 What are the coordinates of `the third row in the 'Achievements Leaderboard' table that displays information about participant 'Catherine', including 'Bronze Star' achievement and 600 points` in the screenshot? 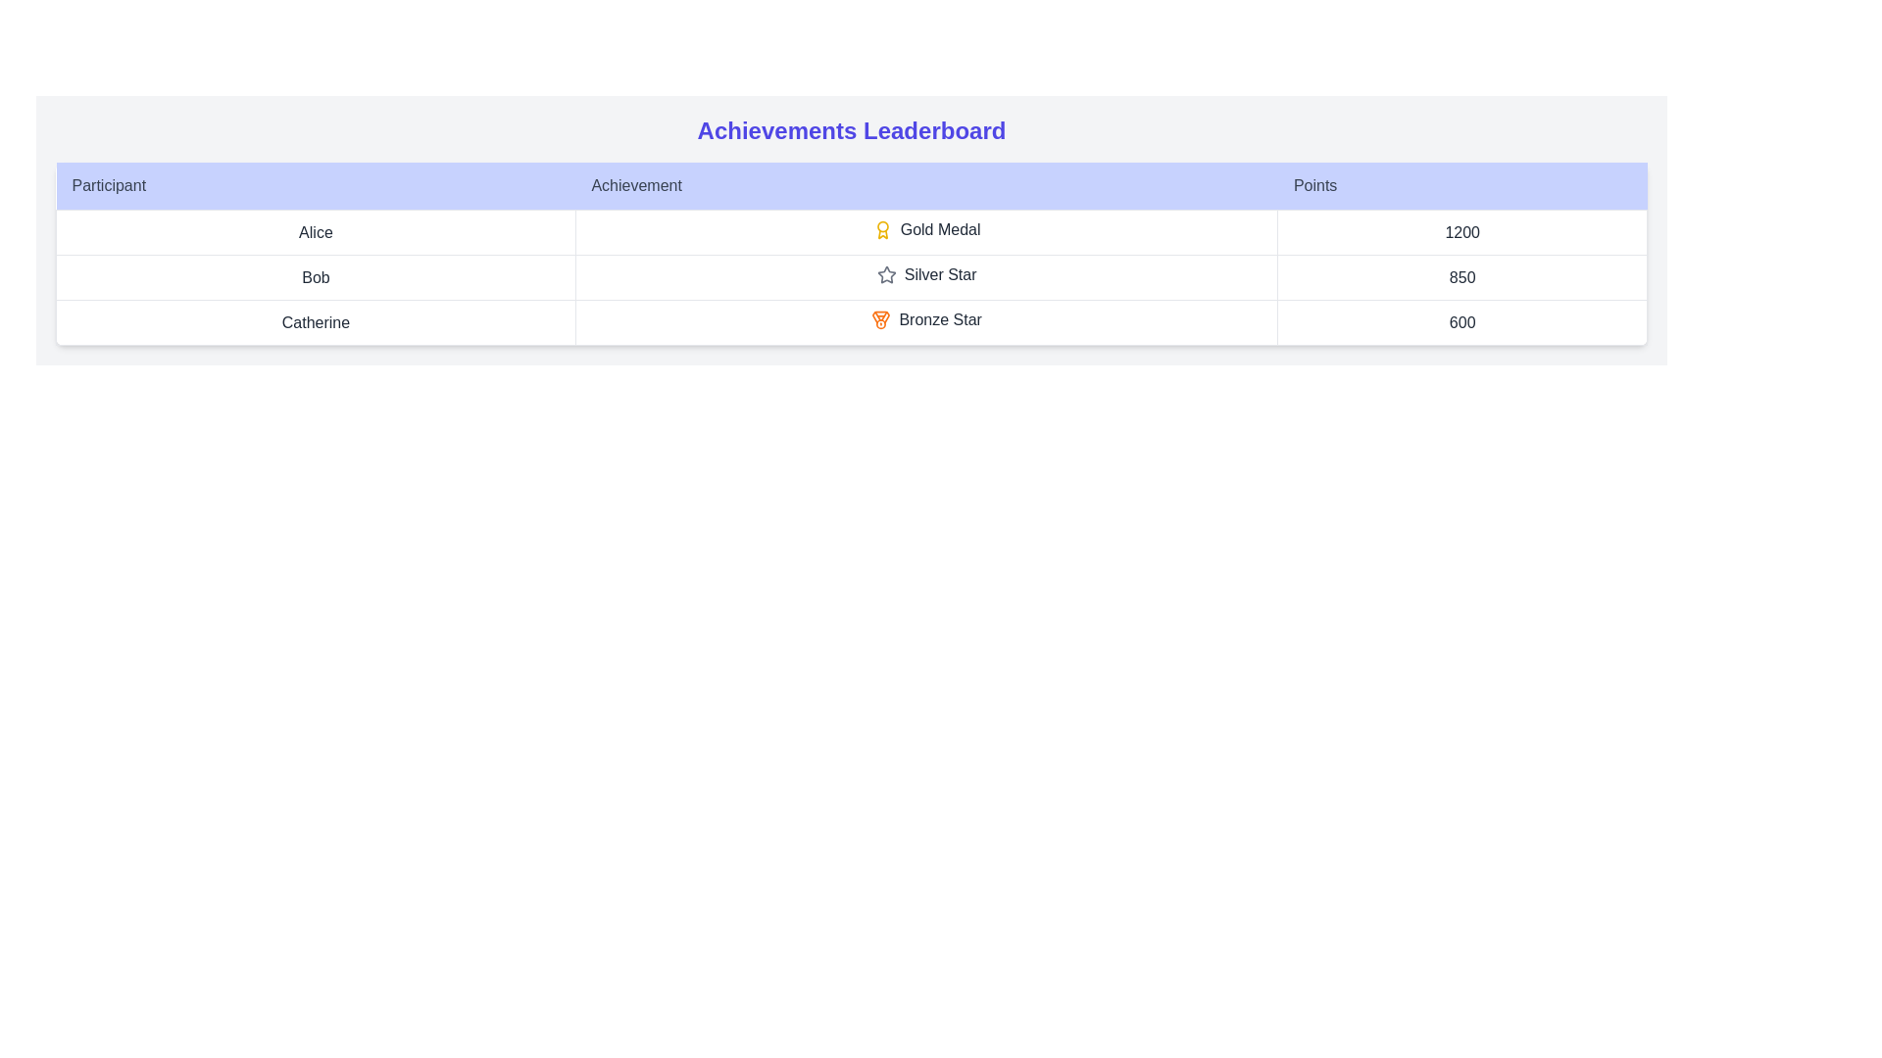 It's located at (851, 321).